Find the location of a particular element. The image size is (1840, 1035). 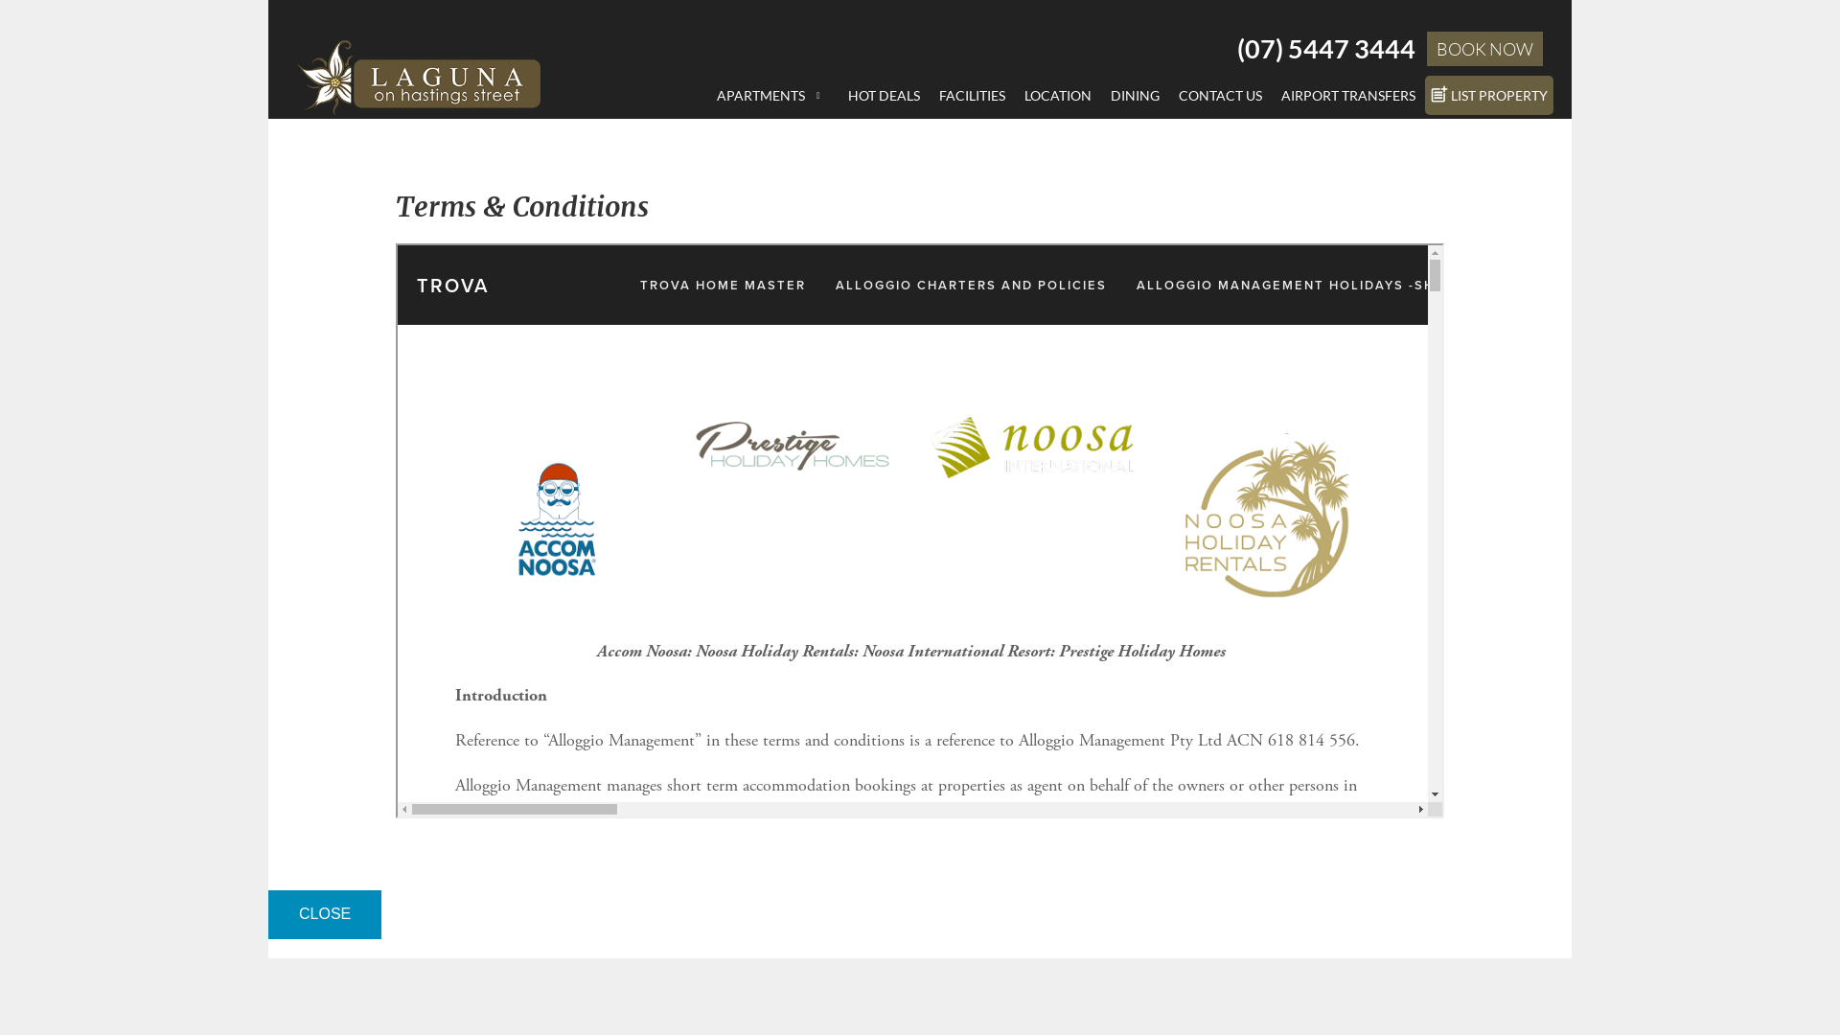

'AIRPORT TRANSFERS' is located at coordinates (1346, 95).